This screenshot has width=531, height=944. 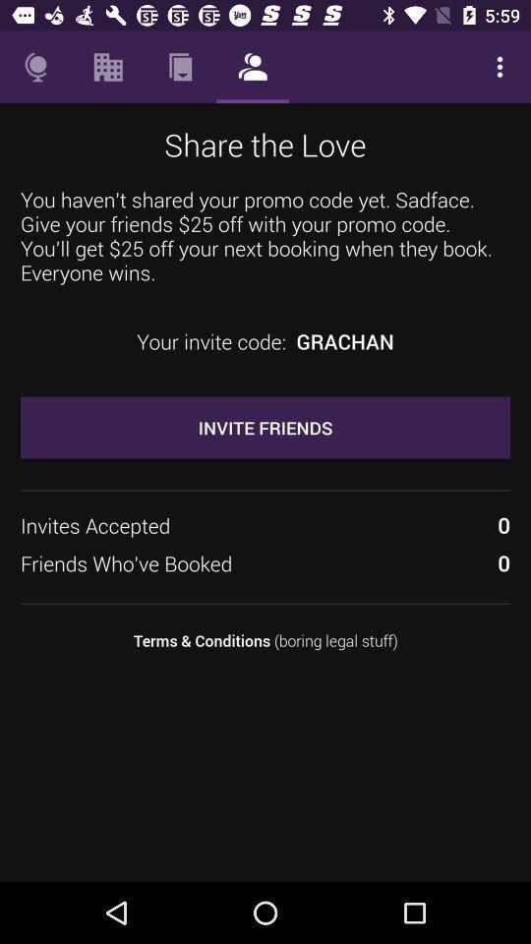 What do you see at coordinates (344, 341) in the screenshot?
I see `grachan` at bounding box center [344, 341].